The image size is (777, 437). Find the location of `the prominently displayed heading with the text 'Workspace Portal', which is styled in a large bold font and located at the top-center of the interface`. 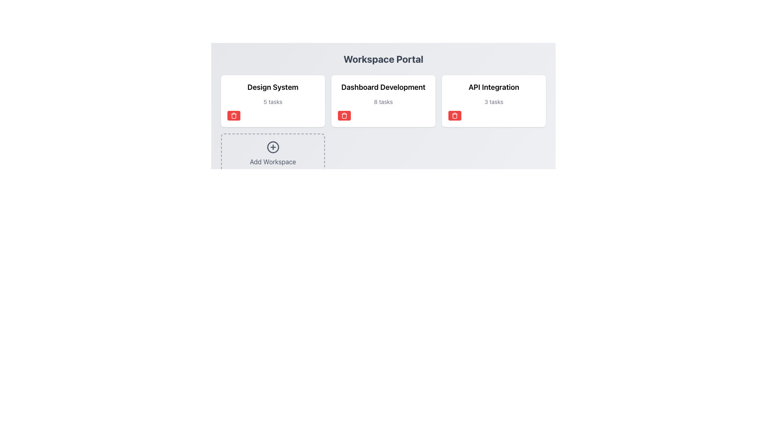

the prominently displayed heading with the text 'Workspace Portal', which is styled in a large bold font and located at the top-center of the interface is located at coordinates (383, 59).